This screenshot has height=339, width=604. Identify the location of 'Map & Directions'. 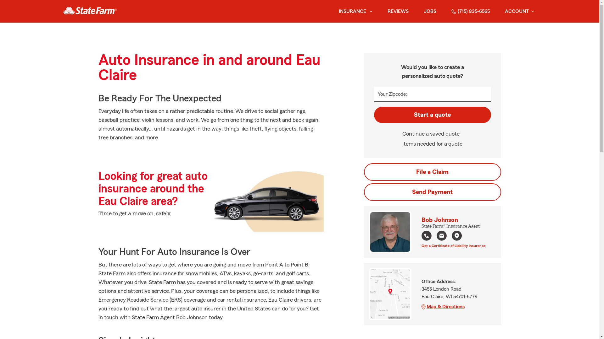
(453, 306).